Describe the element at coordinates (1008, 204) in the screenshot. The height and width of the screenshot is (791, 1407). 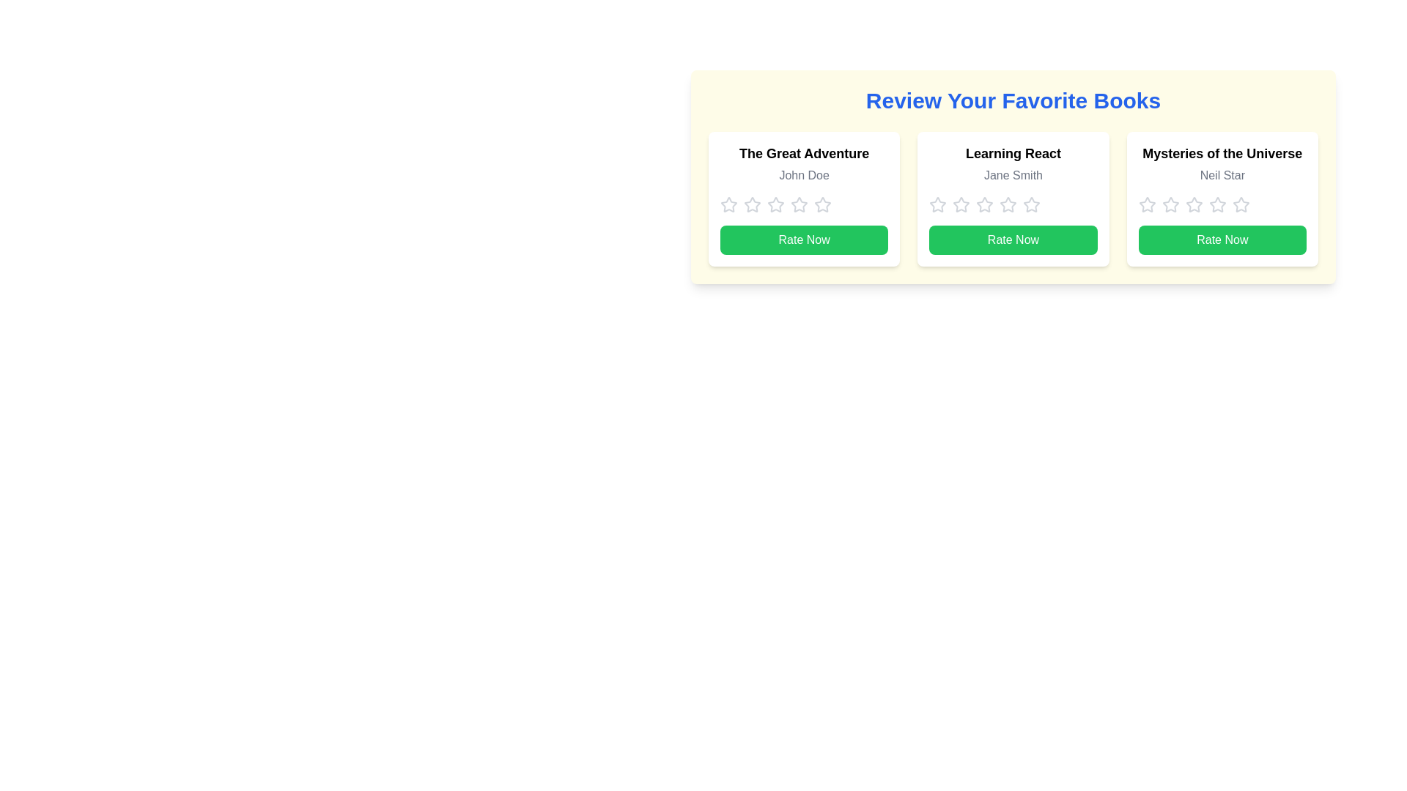
I see `the second star in the rating system for the book 'Learning React' by Jane Smith` at that location.